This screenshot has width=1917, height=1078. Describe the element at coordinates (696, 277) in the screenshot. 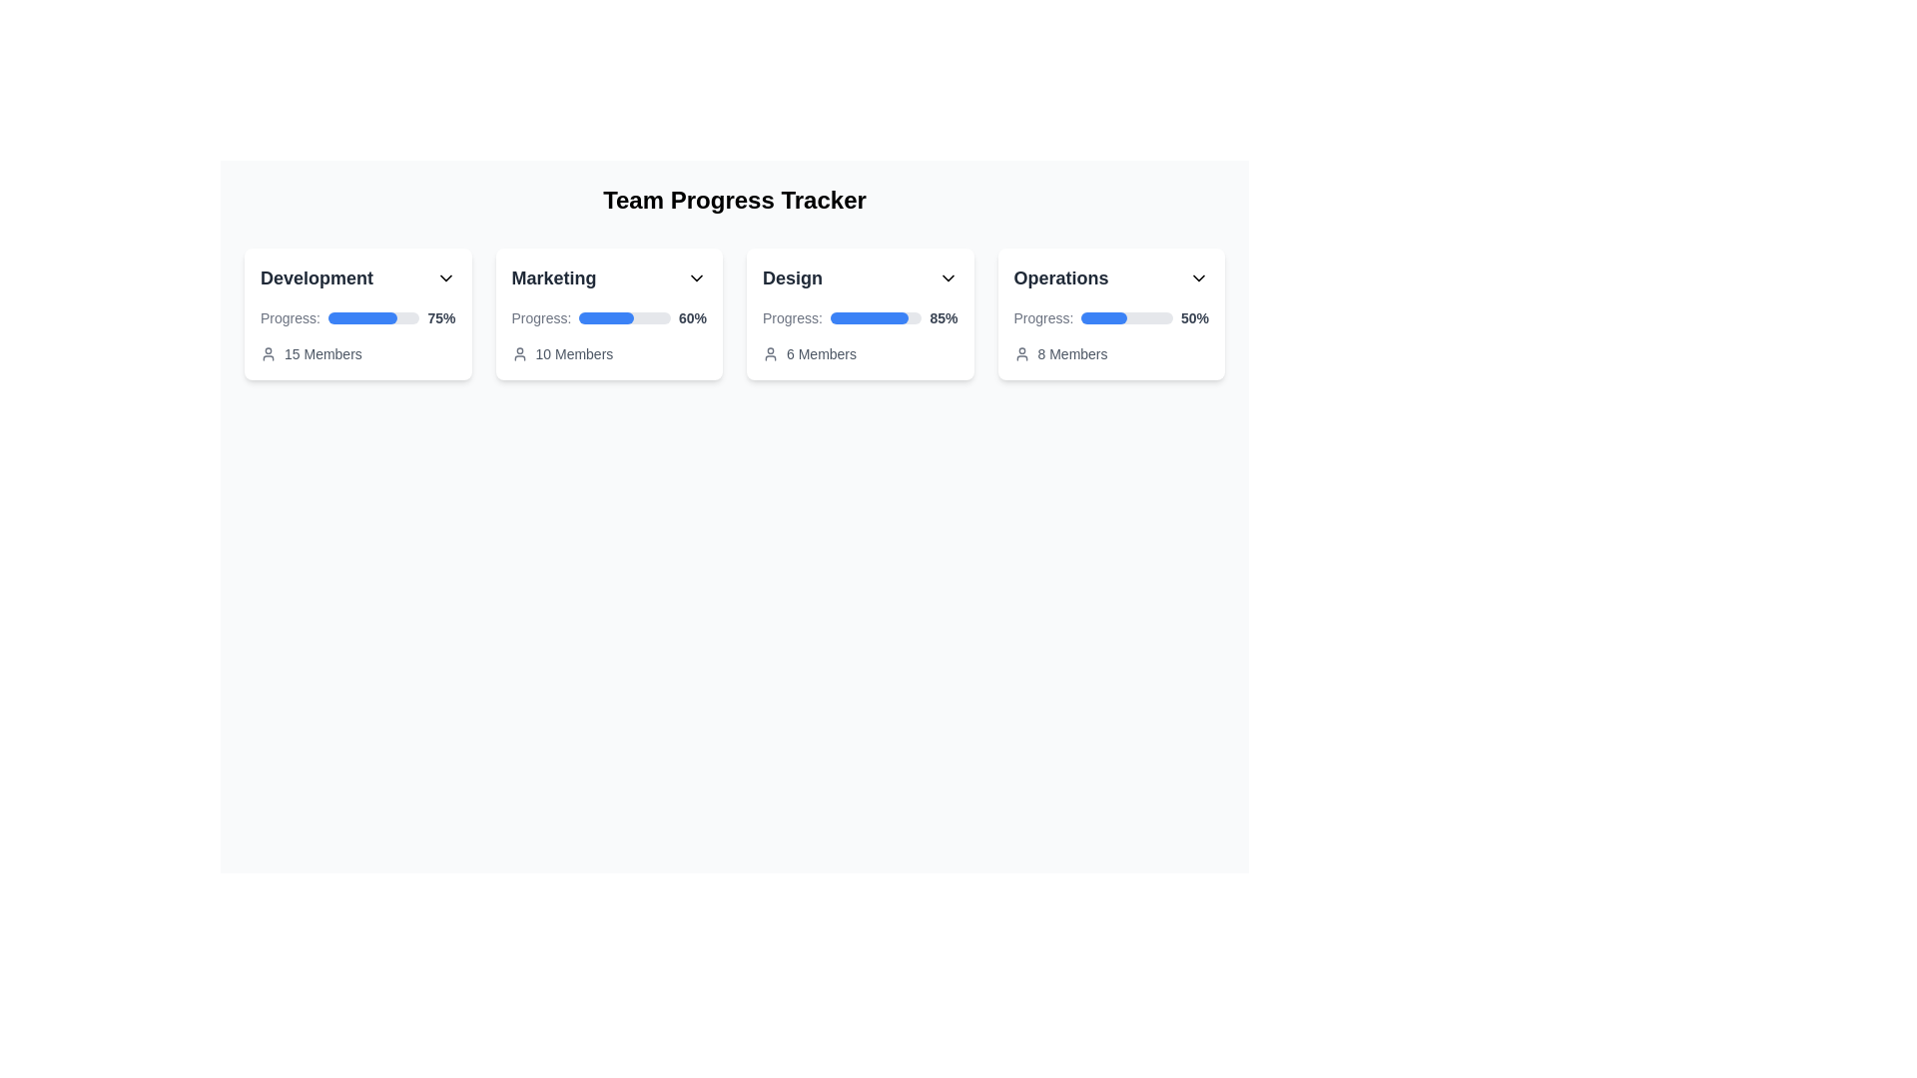

I see `the dropdown indicator icon button located in the upper-right corner of the 'Marketing' card` at that location.